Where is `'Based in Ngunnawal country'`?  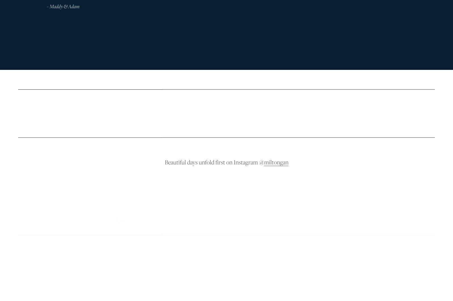
'Based in Ngunnawal country' is located at coordinates (44, 281).